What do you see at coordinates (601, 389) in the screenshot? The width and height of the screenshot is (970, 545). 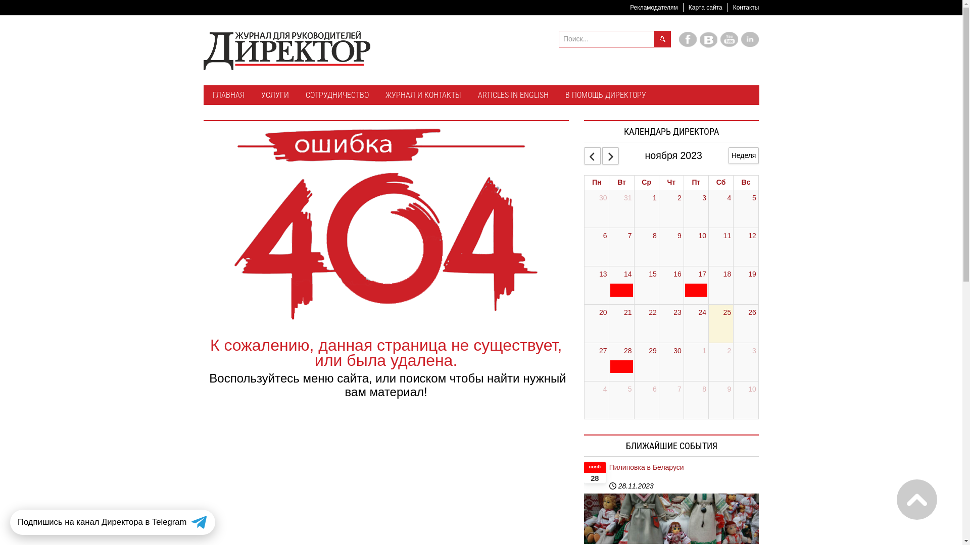 I see `'4'` at bounding box center [601, 389].